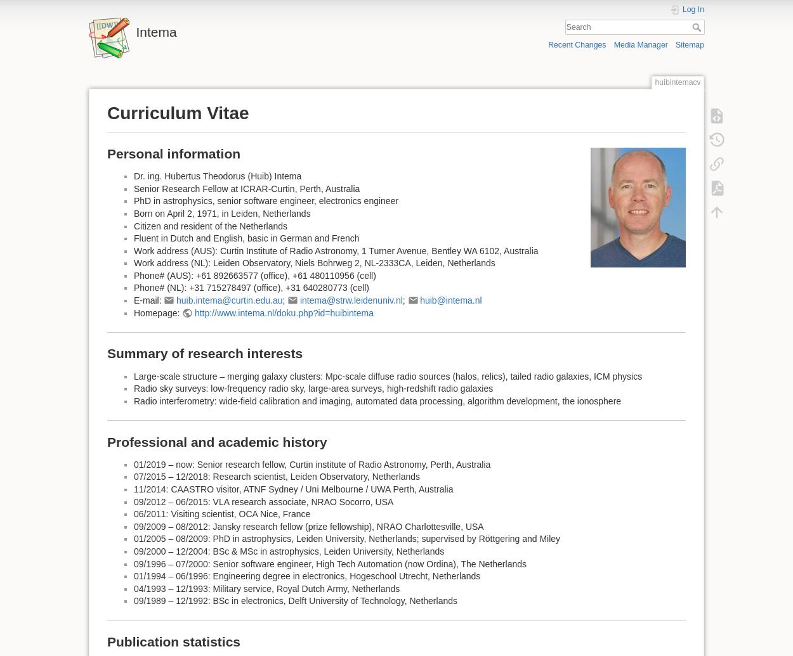 The width and height of the screenshot is (793, 656). What do you see at coordinates (266, 587) in the screenshot?
I see `'04/1993 – 12/1993: Military service, Royal Dutch Army, Netherlands'` at bounding box center [266, 587].